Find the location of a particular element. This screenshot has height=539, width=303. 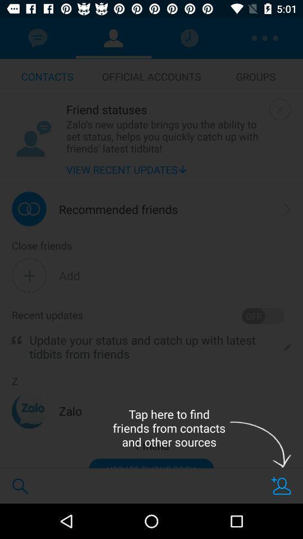

the friend statuses item is located at coordinates (164, 109).